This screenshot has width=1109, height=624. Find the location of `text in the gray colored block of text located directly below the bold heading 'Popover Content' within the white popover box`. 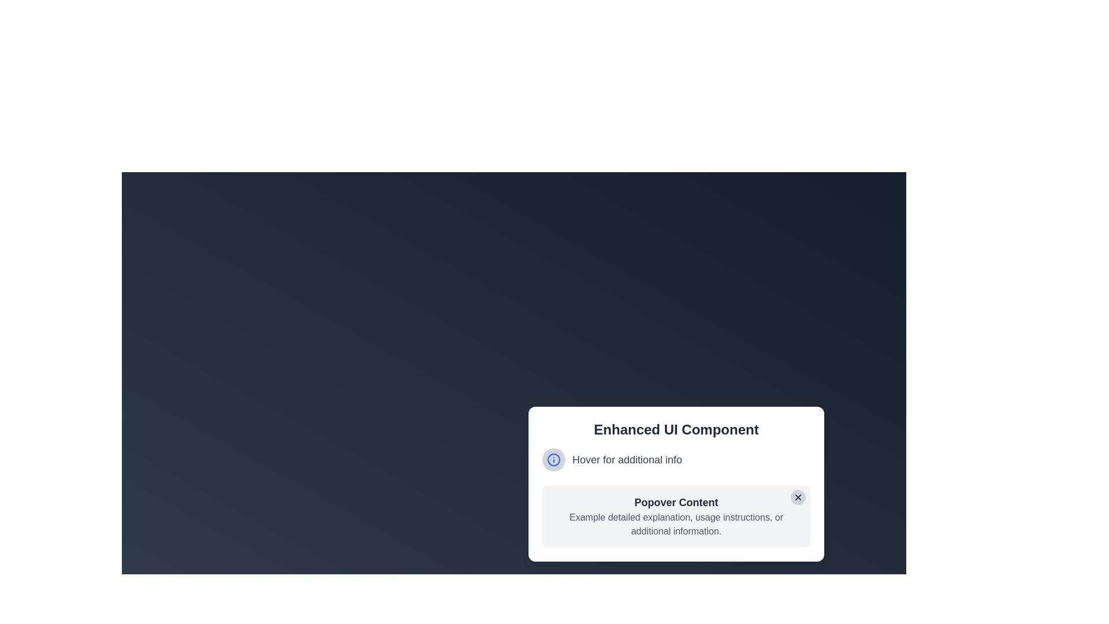

text in the gray colored block of text located directly below the bold heading 'Popover Content' within the white popover box is located at coordinates (676, 524).